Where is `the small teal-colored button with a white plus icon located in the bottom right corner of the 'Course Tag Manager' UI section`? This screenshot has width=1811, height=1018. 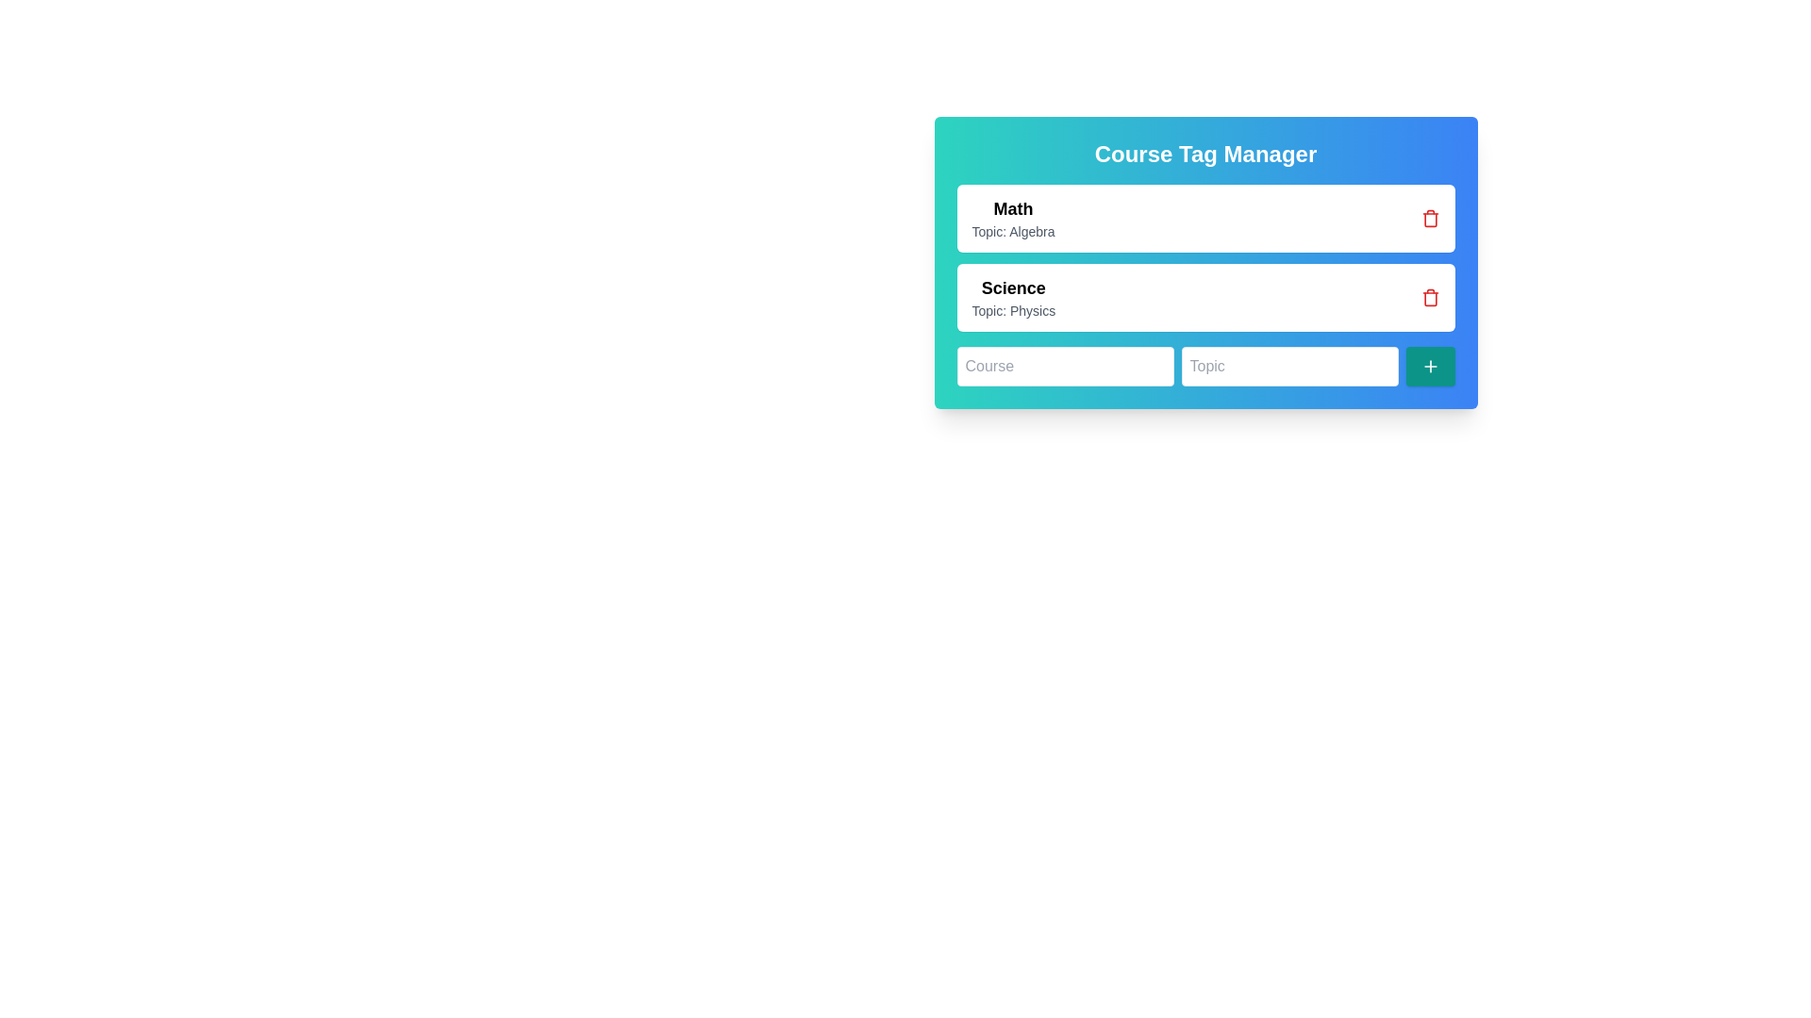 the small teal-colored button with a white plus icon located in the bottom right corner of the 'Course Tag Manager' UI section is located at coordinates (1430, 367).